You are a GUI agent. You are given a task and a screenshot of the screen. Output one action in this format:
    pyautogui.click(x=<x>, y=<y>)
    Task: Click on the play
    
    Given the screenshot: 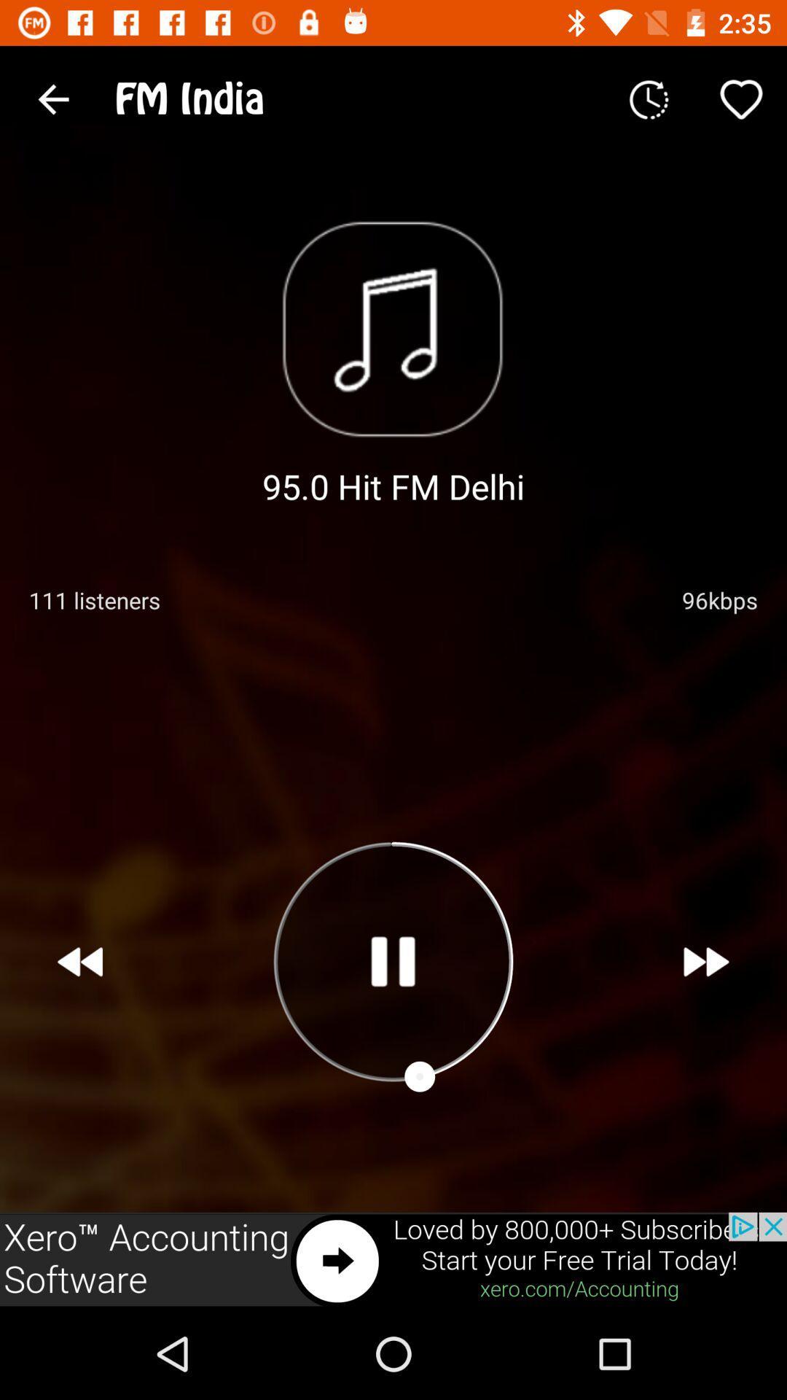 What is the action you would take?
    pyautogui.click(x=392, y=961)
    